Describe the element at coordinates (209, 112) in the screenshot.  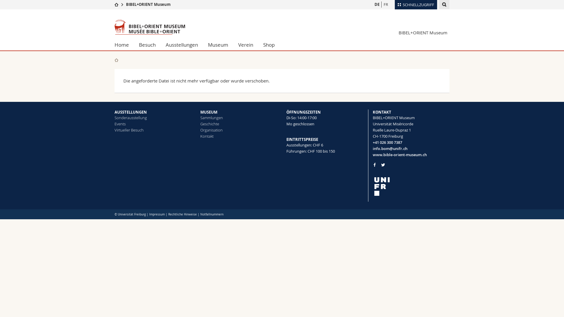
I see `'MUSEUM'` at that location.